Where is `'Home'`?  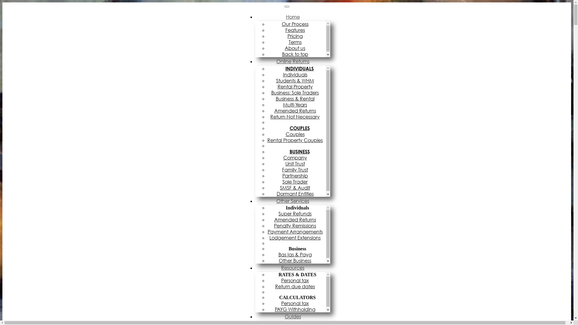 'Home' is located at coordinates (293, 17).